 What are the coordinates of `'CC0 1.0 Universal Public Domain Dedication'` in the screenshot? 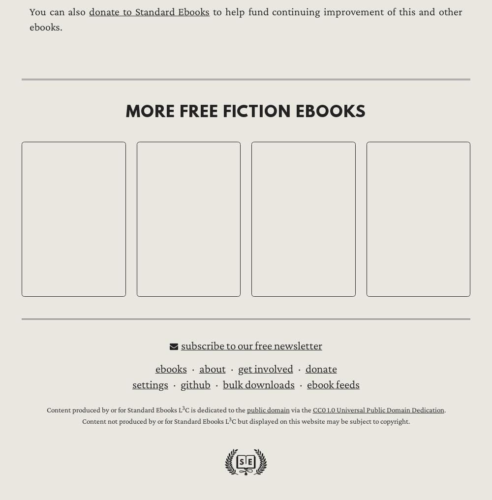 It's located at (378, 410).